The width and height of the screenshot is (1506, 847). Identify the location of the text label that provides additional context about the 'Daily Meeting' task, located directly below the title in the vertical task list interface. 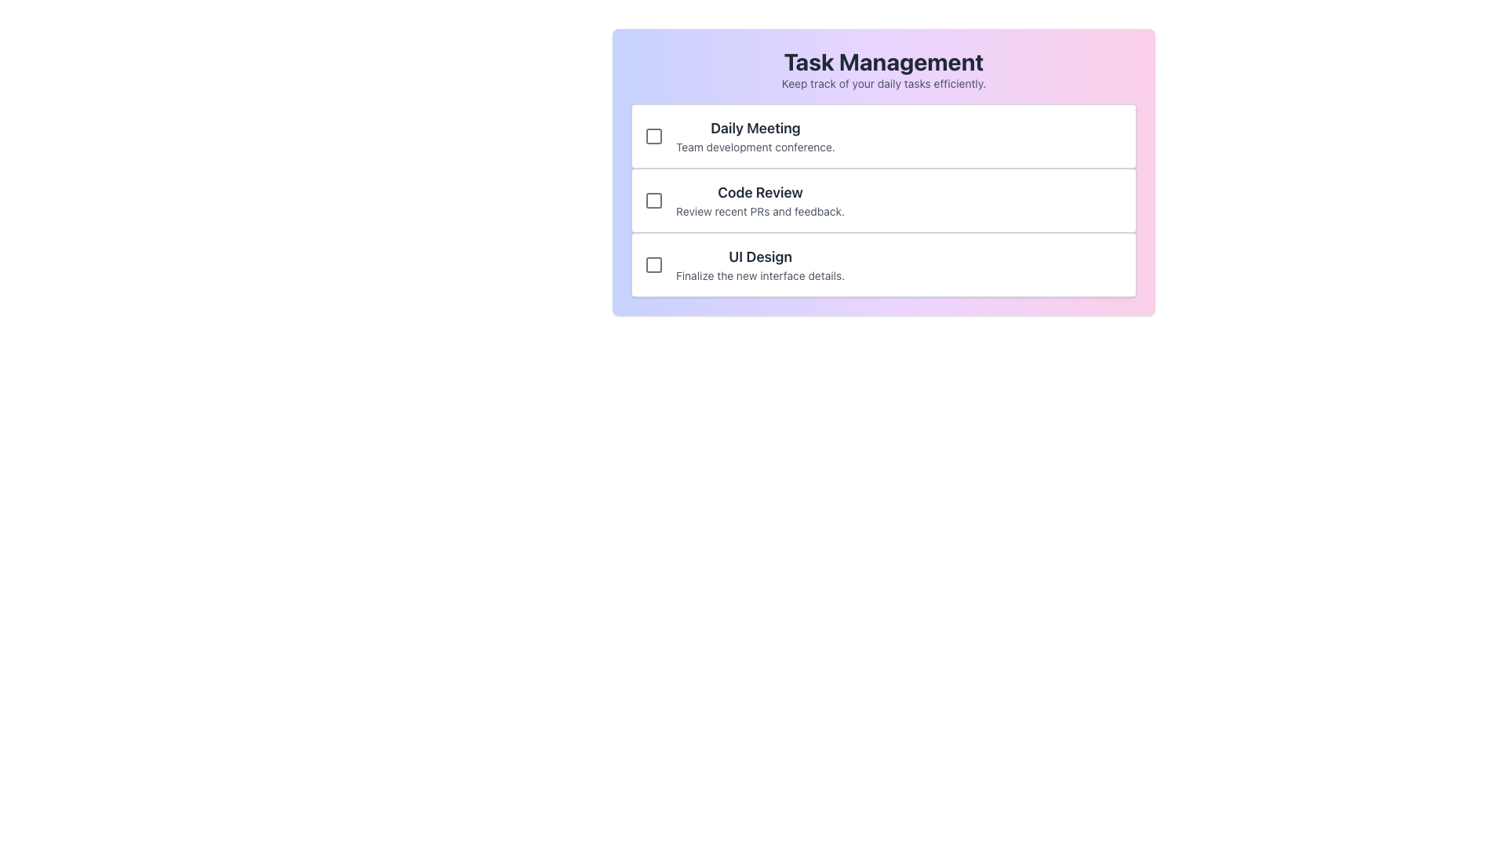
(755, 147).